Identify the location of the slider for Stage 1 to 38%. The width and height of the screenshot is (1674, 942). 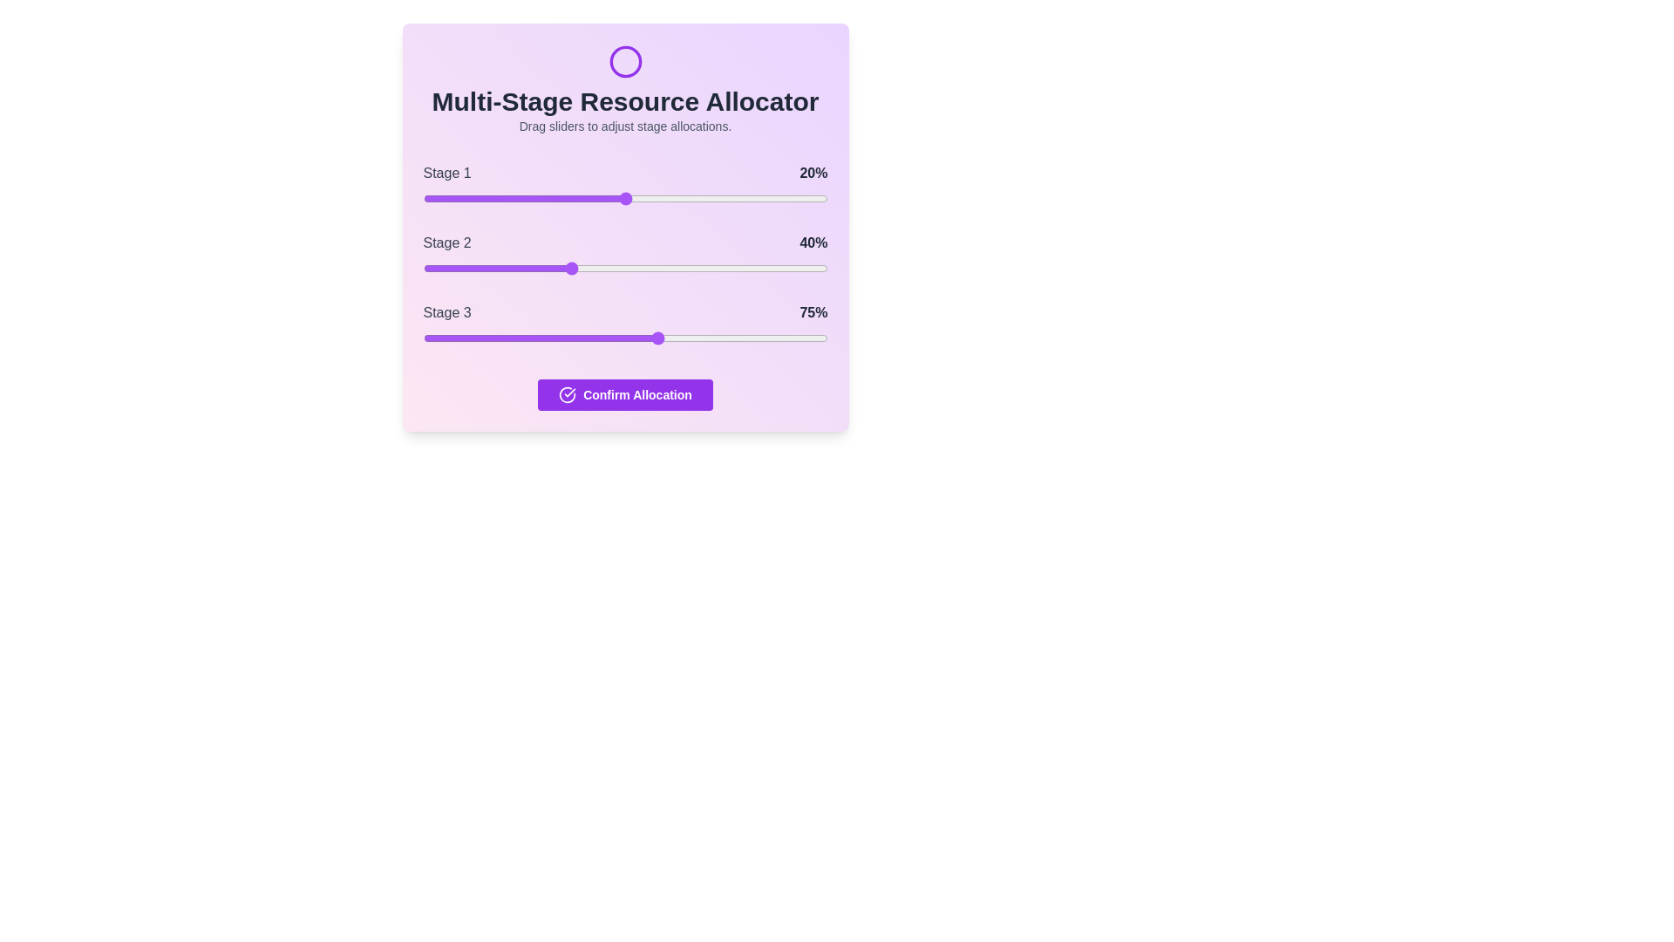
(576, 197).